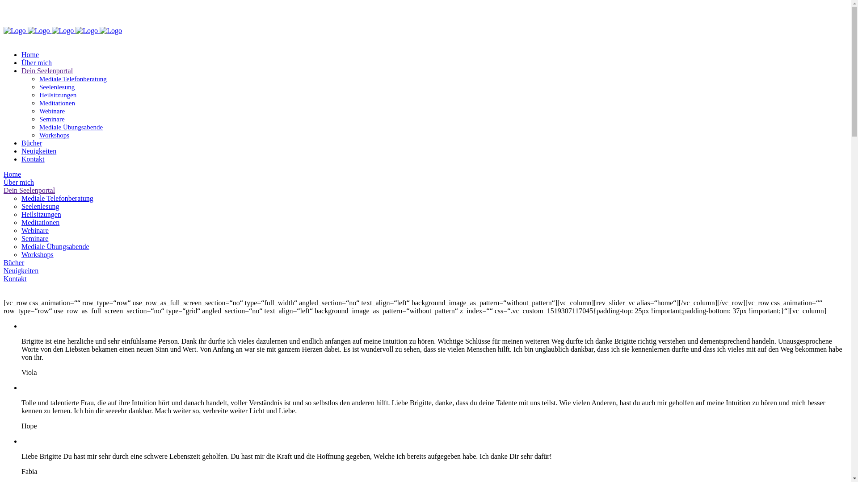 The image size is (858, 482). What do you see at coordinates (38, 103) in the screenshot?
I see `'Meditationen'` at bounding box center [38, 103].